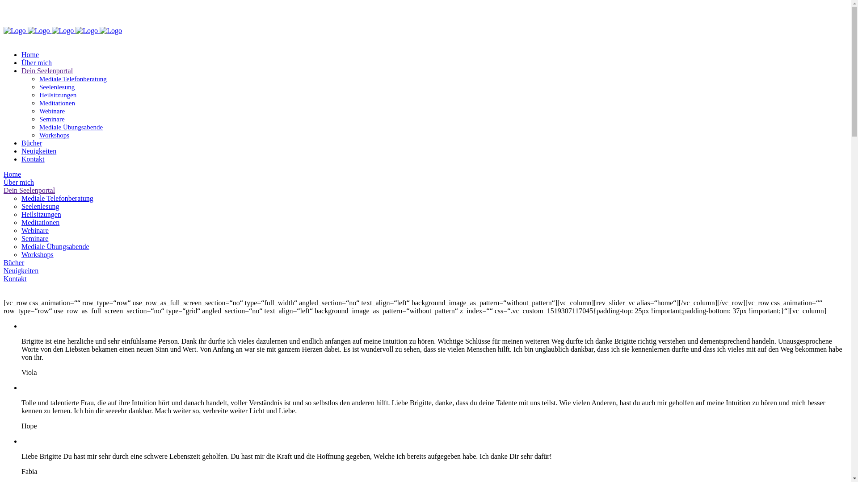 The image size is (858, 482). What do you see at coordinates (38, 103) in the screenshot?
I see `'Meditationen'` at bounding box center [38, 103].